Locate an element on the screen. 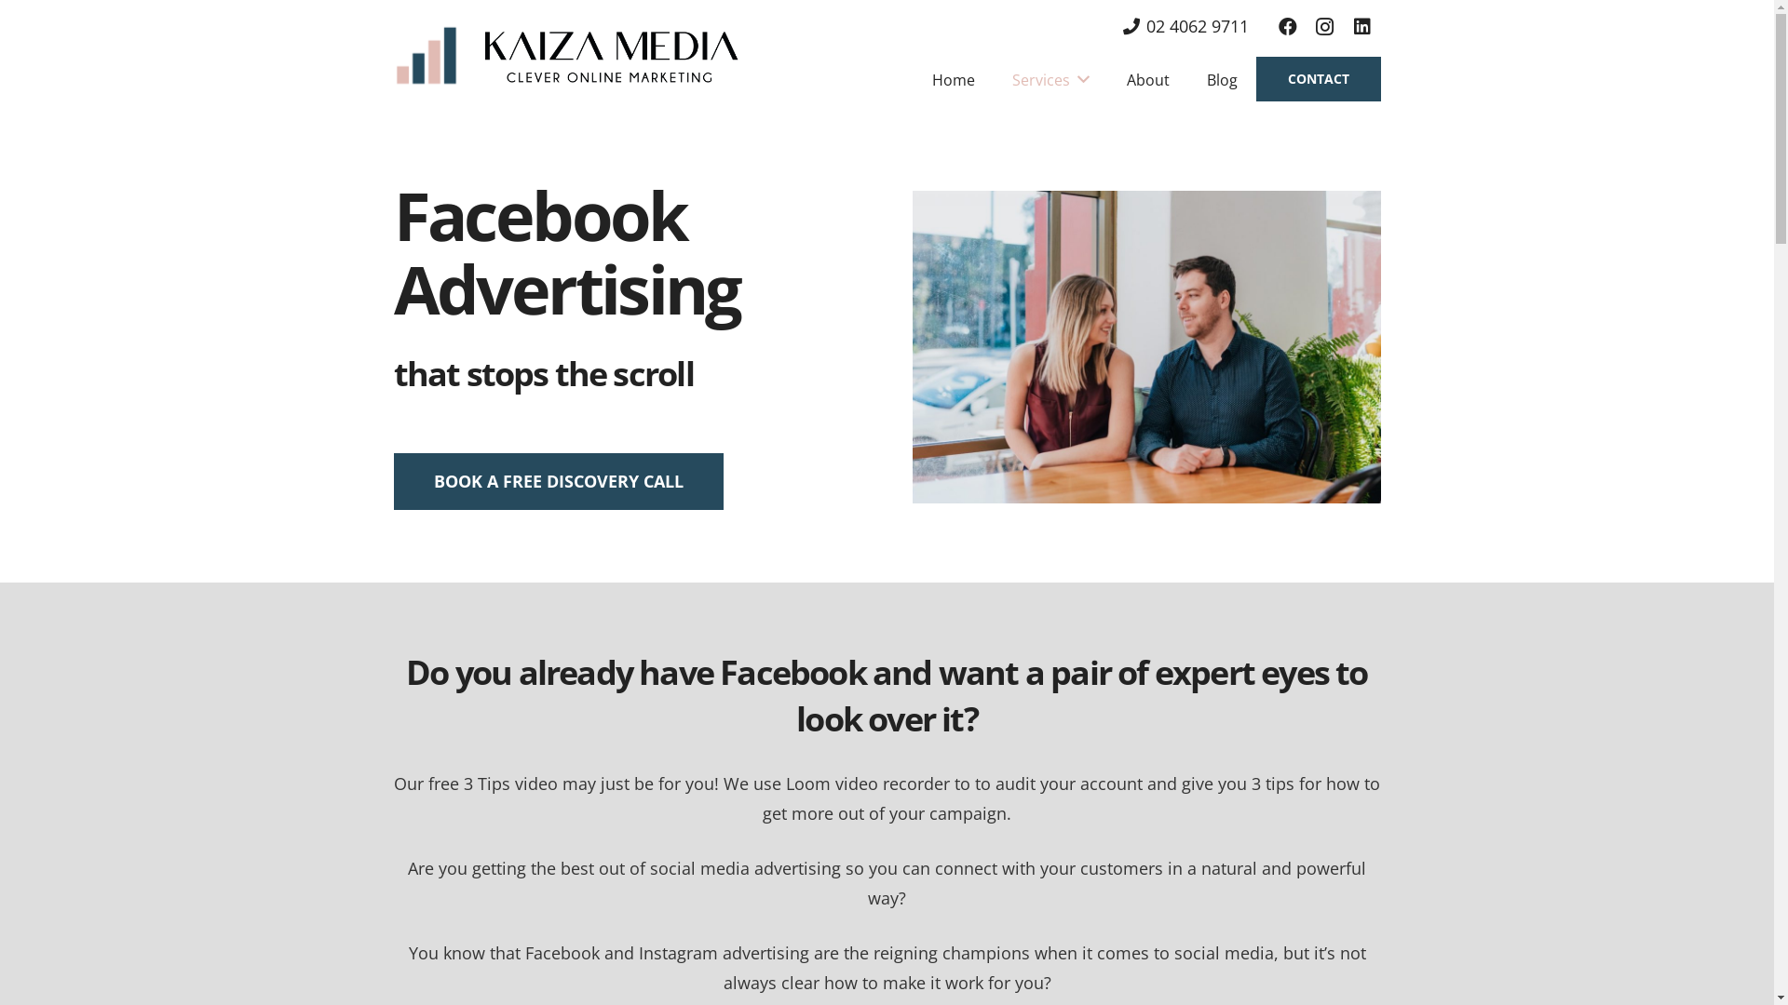  'CONTACT' is located at coordinates (1317, 77).